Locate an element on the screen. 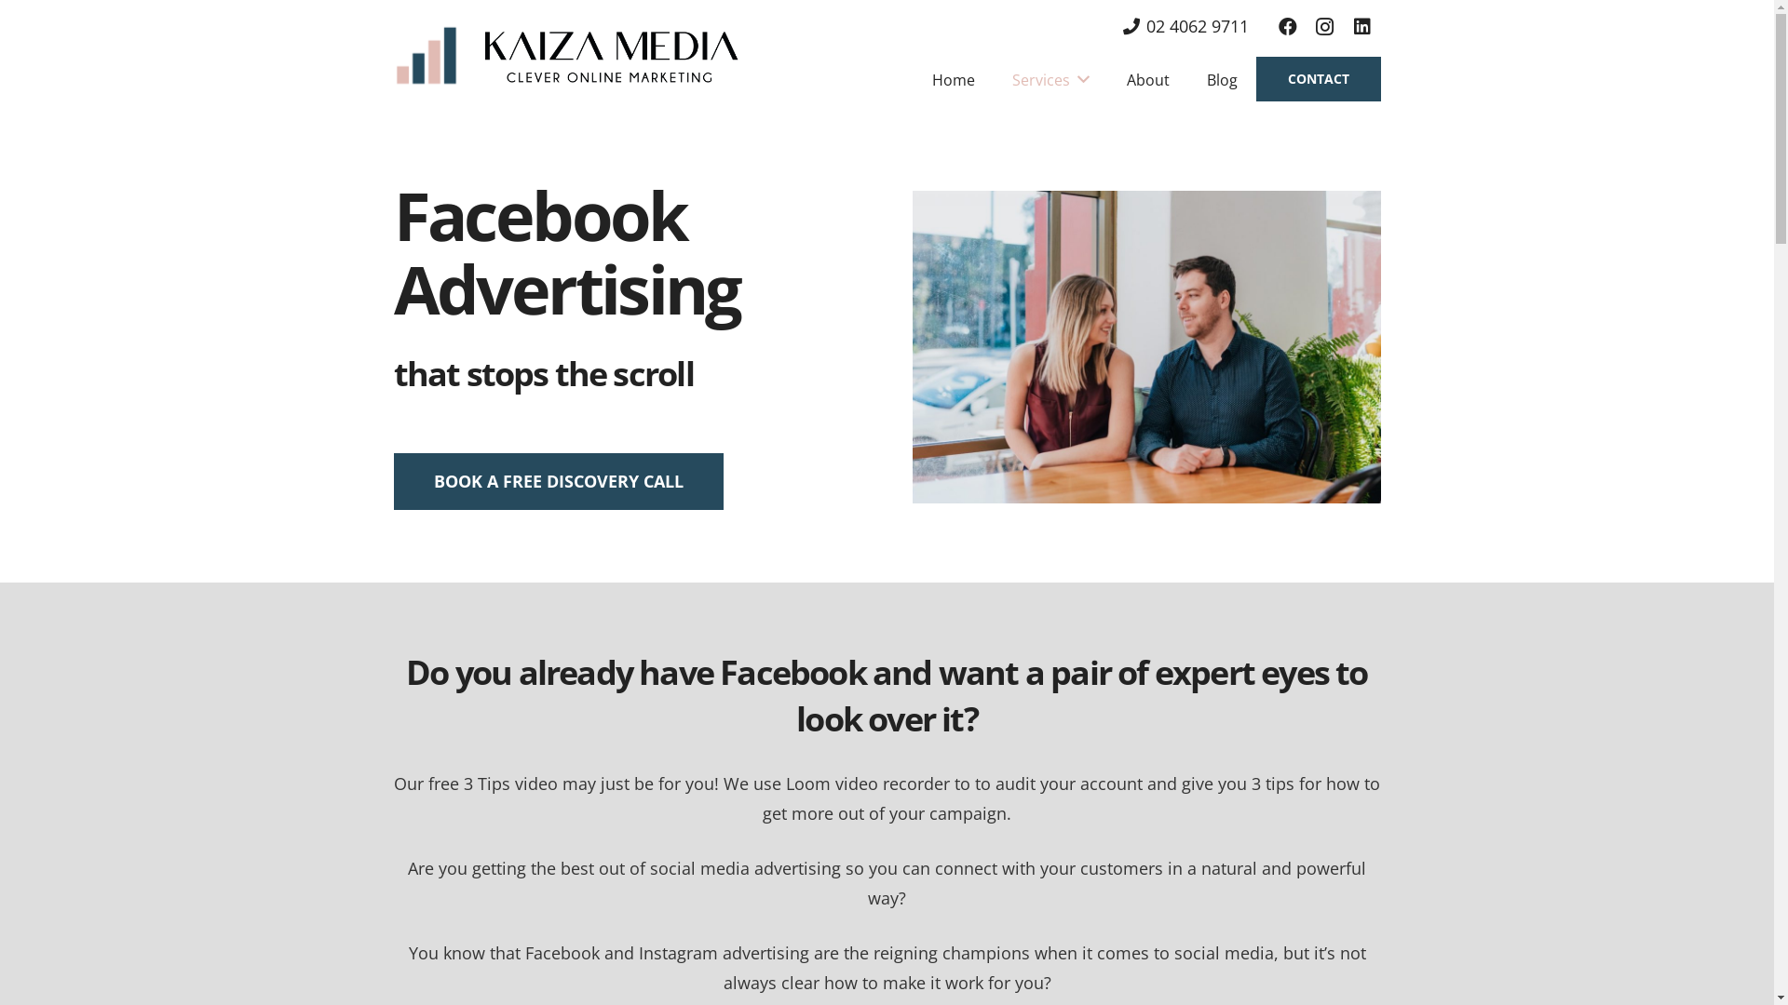  'CONTACT' is located at coordinates (1317, 77).